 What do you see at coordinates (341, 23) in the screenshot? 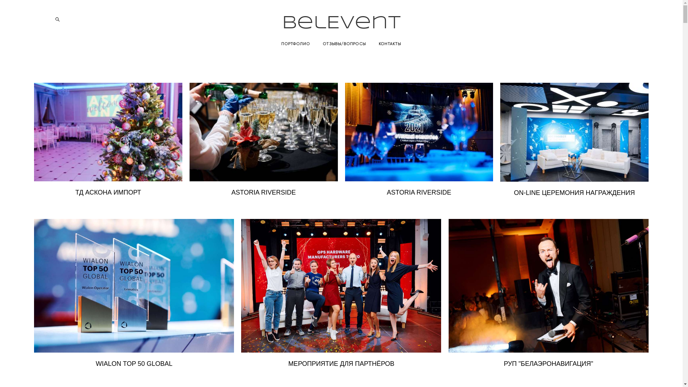
I see `'BelEvent'` at bounding box center [341, 23].